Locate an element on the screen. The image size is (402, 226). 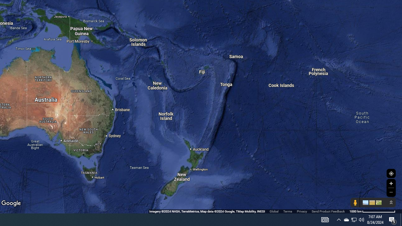
'Send Product Feedback' is located at coordinates (328, 211).